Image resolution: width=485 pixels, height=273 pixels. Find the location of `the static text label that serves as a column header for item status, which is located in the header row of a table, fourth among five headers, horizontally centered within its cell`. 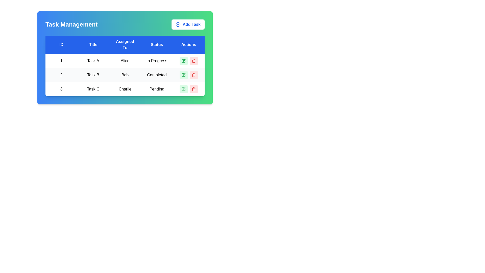

the static text label that serves as a column header for item status, which is located in the header row of a table, fourth among five headers, horizontally centered within its cell is located at coordinates (156, 44).